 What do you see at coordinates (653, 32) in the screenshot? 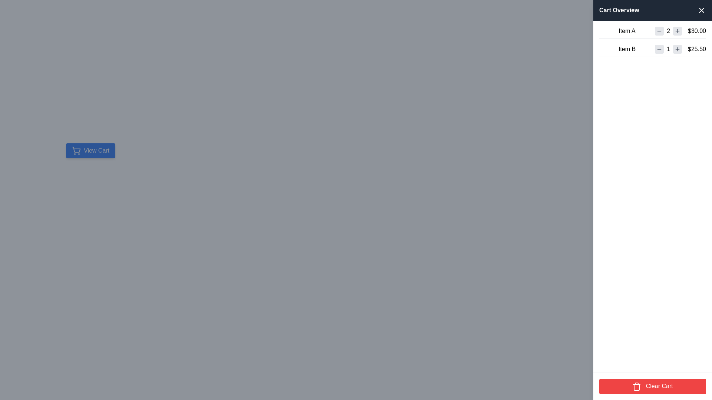
I see `the minus button on the product card displaying 'Item A' in the cart overview to decrease the quantity` at bounding box center [653, 32].